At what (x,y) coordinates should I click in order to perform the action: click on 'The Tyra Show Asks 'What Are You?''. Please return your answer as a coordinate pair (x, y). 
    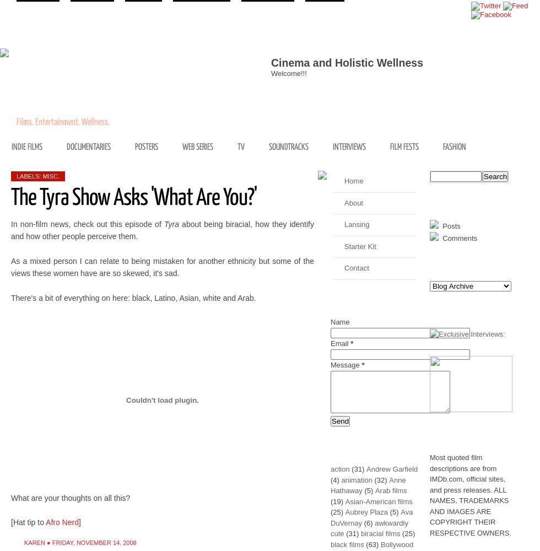
    Looking at the image, I should click on (134, 197).